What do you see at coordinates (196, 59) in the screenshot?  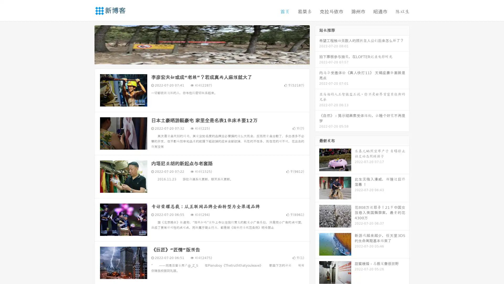 I see `Go to slide 1` at bounding box center [196, 59].